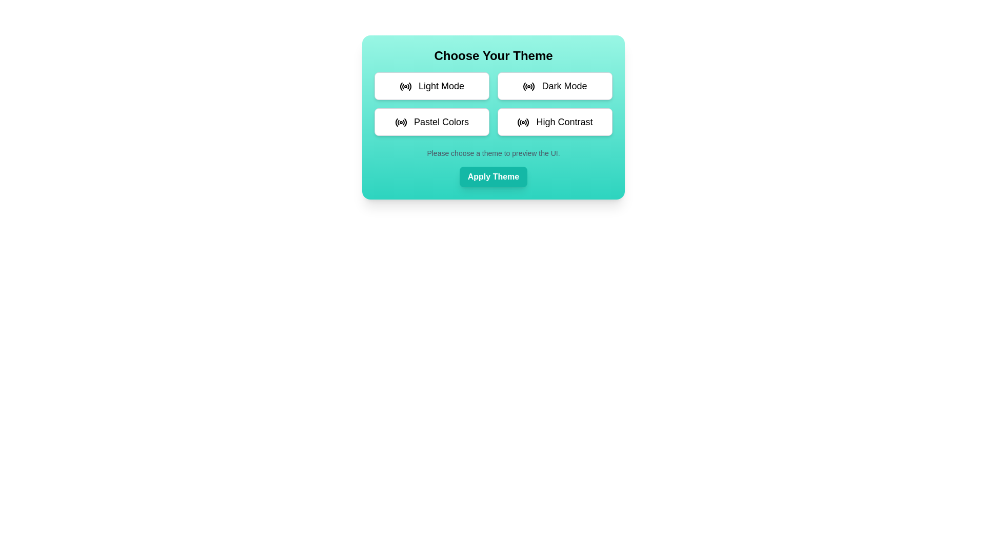 Image resolution: width=985 pixels, height=554 pixels. Describe the element at coordinates (526, 122) in the screenshot. I see `the fourth arc of the radio icon representing the 'High Contrast' option in the theme selection panel` at that location.